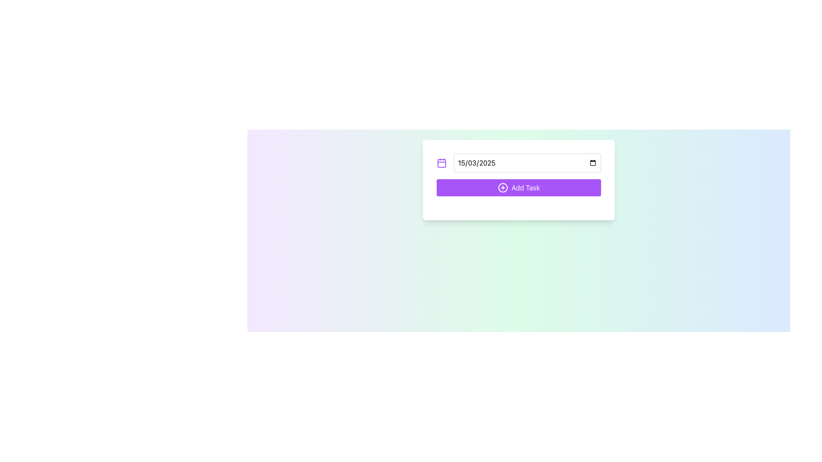  Describe the element at coordinates (518, 187) in the screenshot. I see `the add task button located below the input box with a calendar icon` at that location.